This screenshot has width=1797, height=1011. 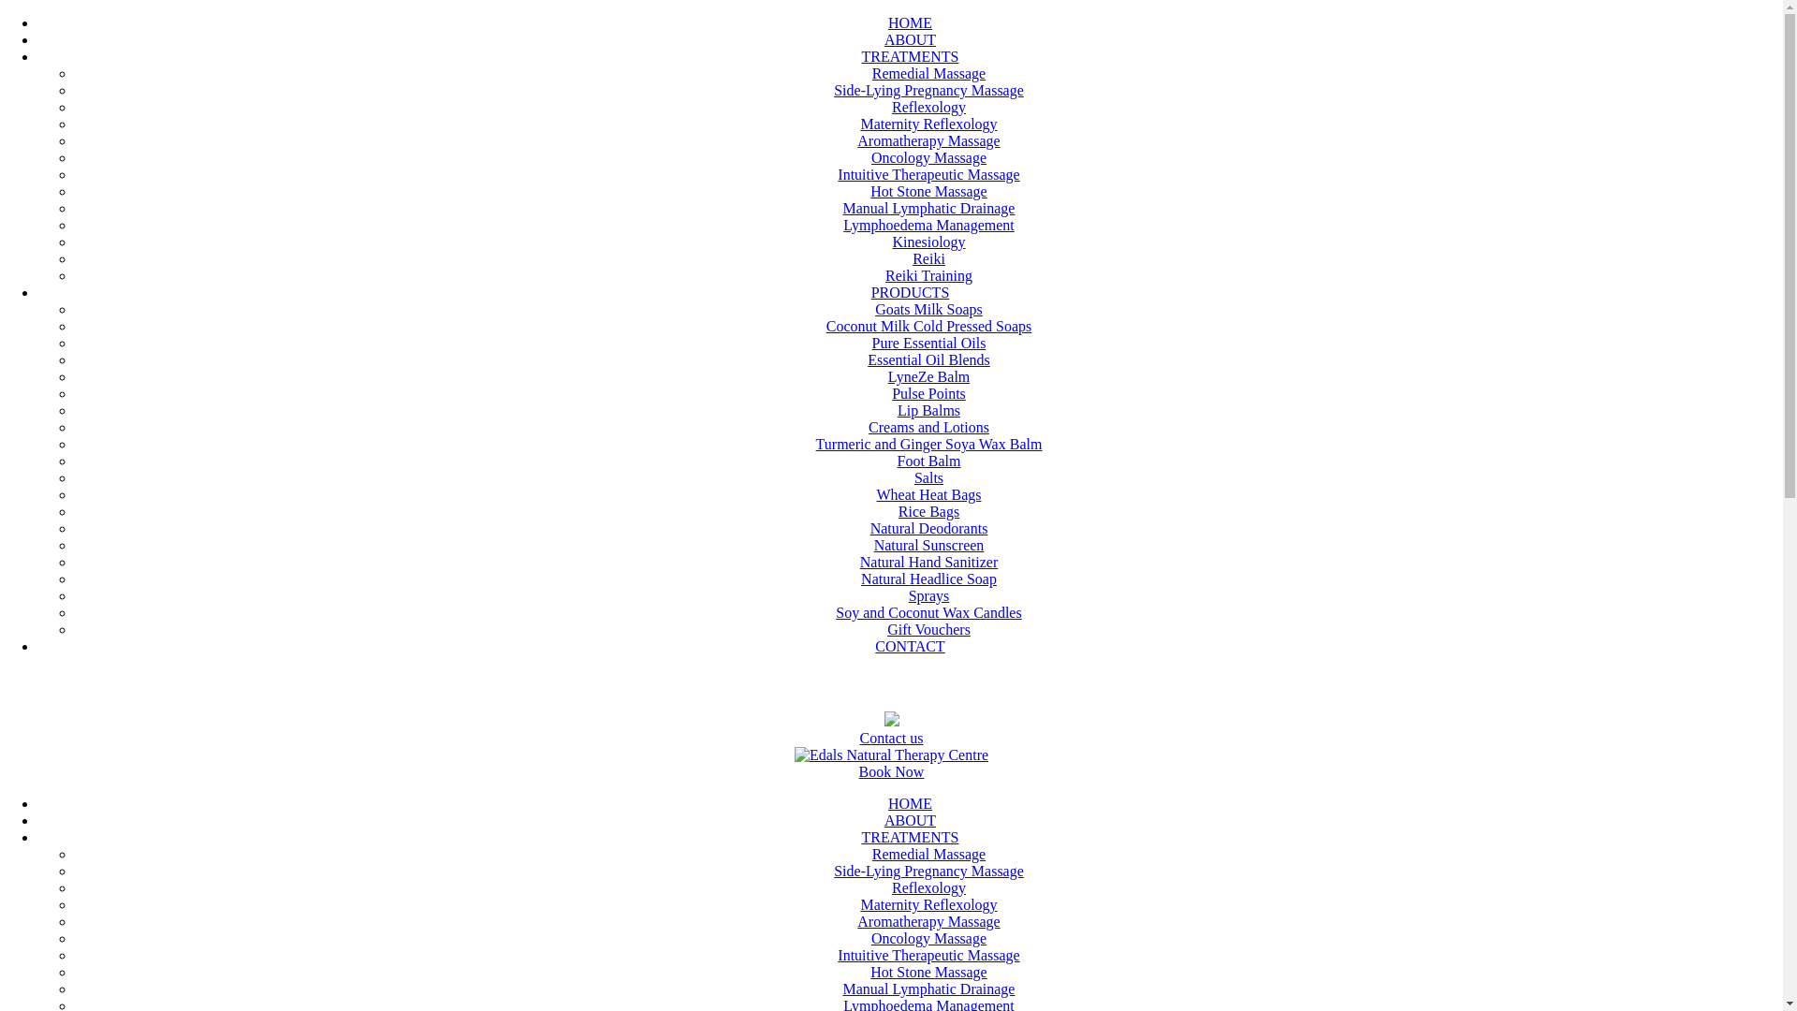 I want to click on 'Natural Hand Sanitizer', so click(x=929, y=561).